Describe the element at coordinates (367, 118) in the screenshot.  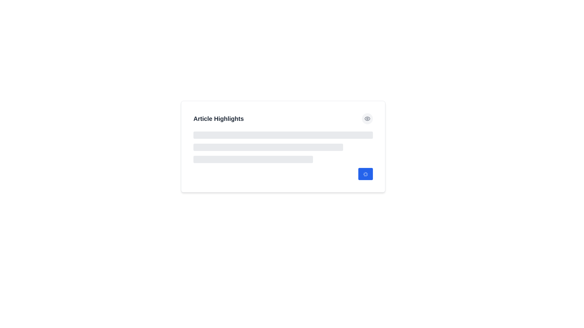
I see `the circular button with a gray background and eye icon located in the 'Article Highlights' section` at that location.